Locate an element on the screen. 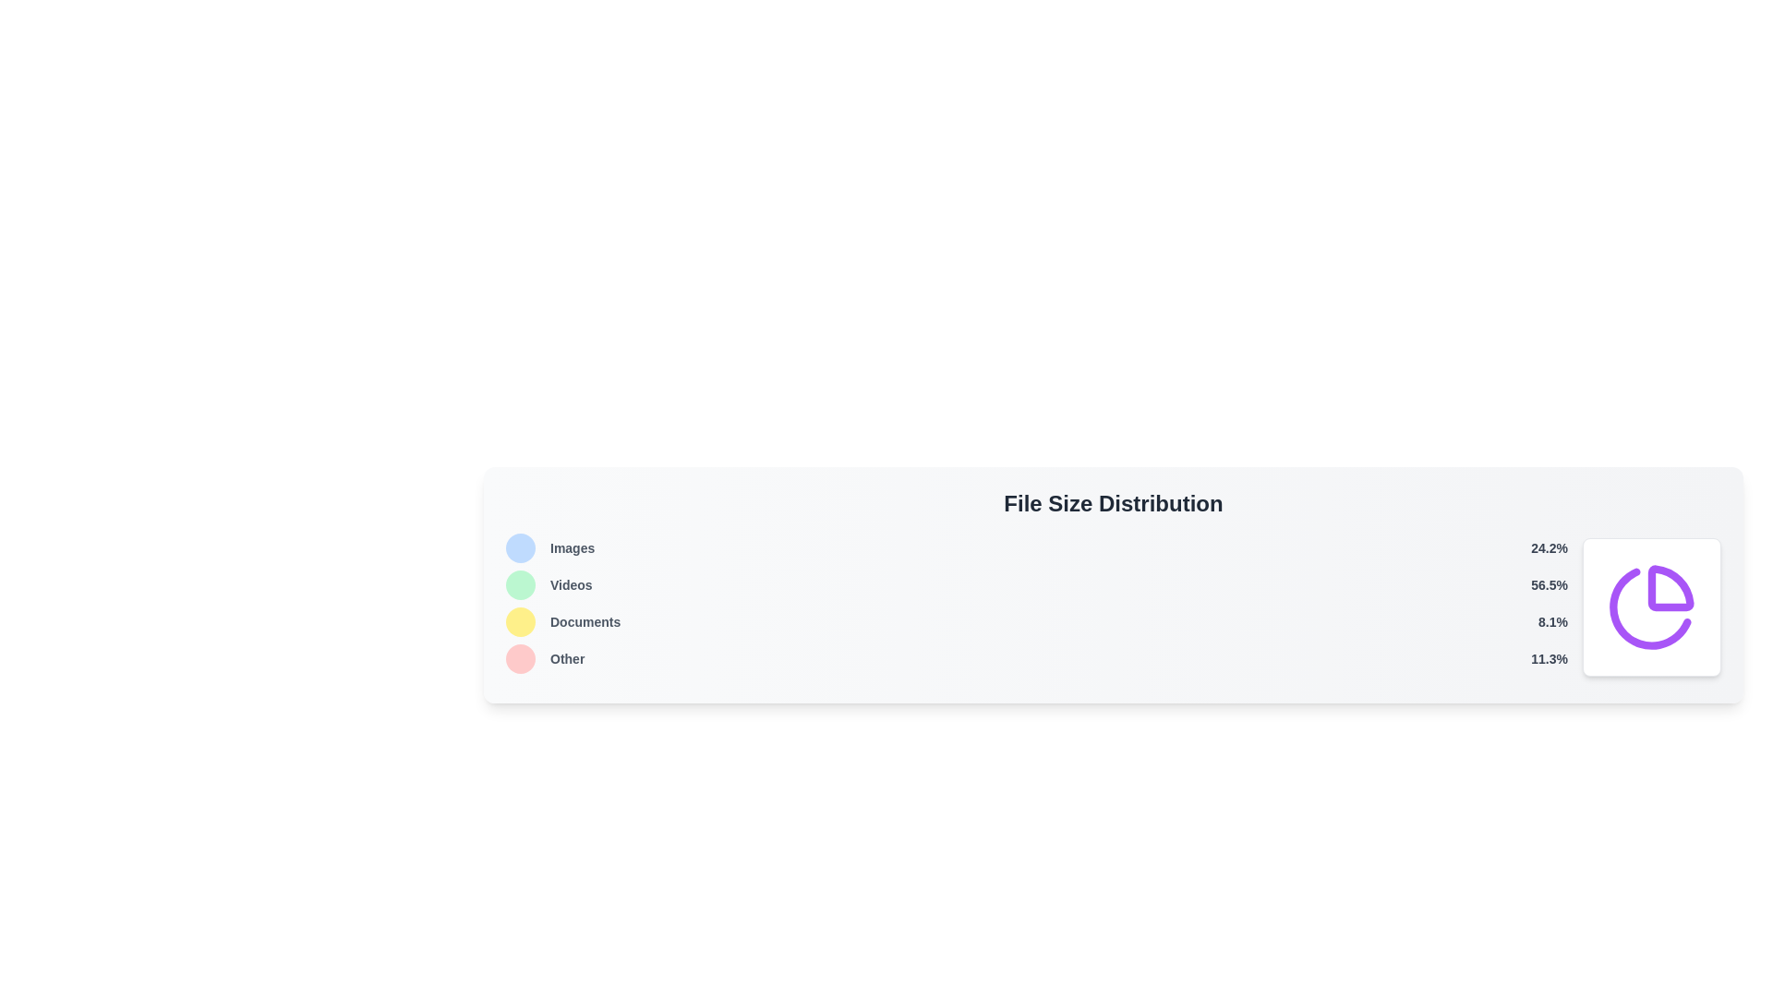  the text label displaying 'Other' is located at coordinates (566, 657).